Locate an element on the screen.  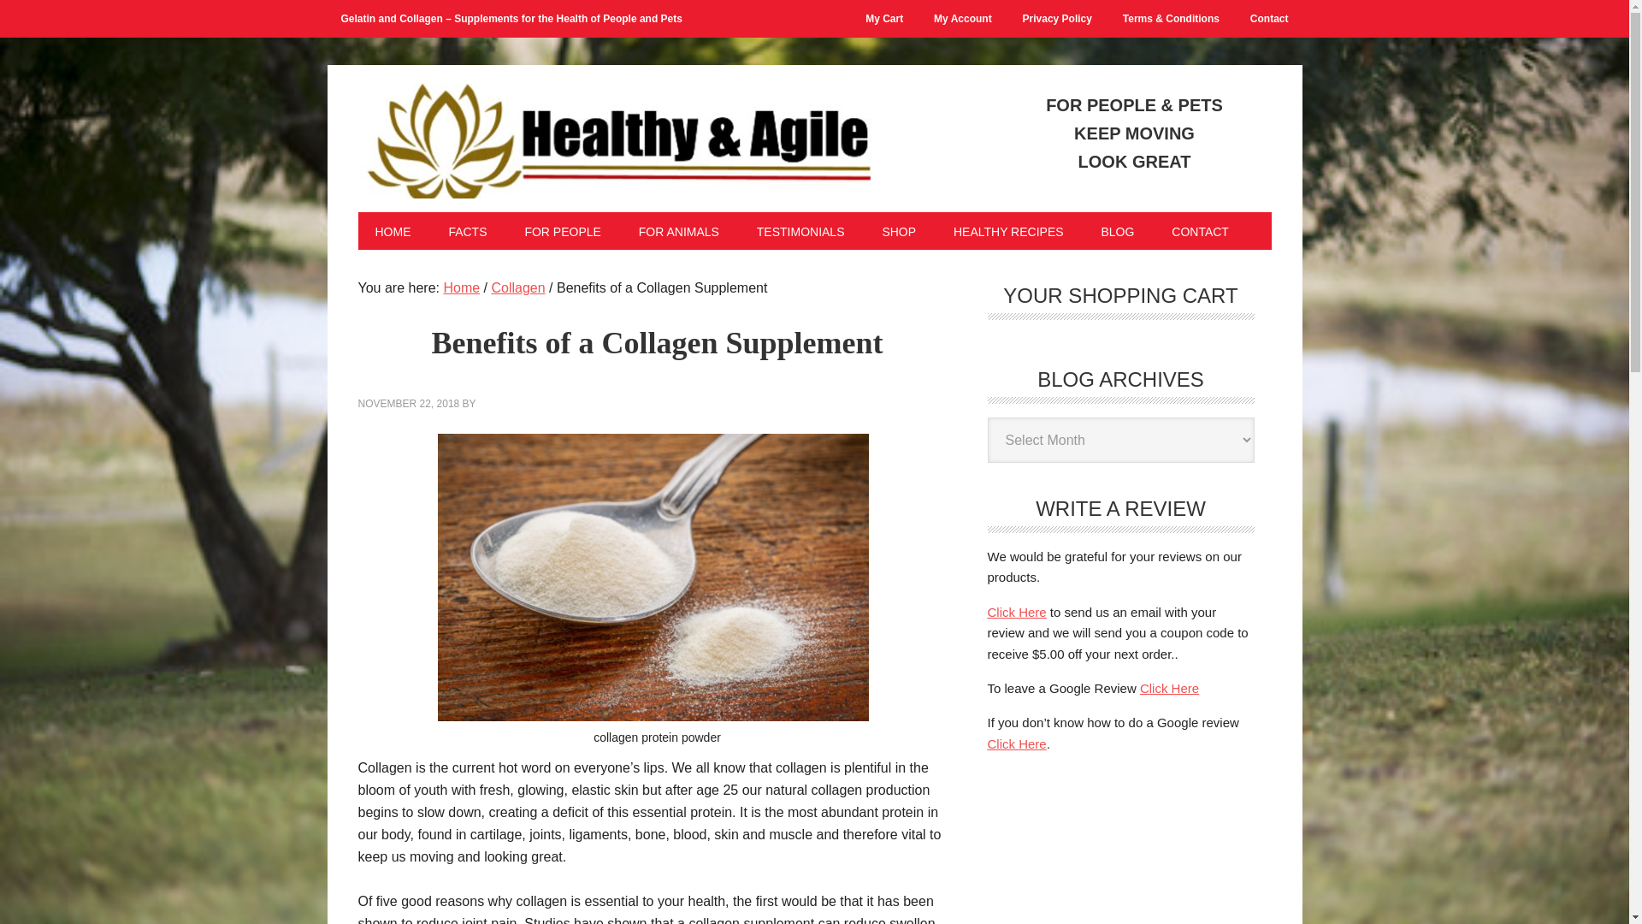
'FOR PEOPLE' is located at coordinates (506, 231).